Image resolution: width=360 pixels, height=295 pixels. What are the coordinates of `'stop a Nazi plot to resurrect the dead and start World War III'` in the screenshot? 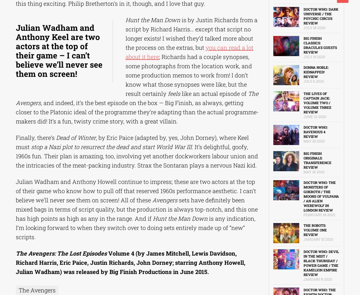 It's located at (111, 146).